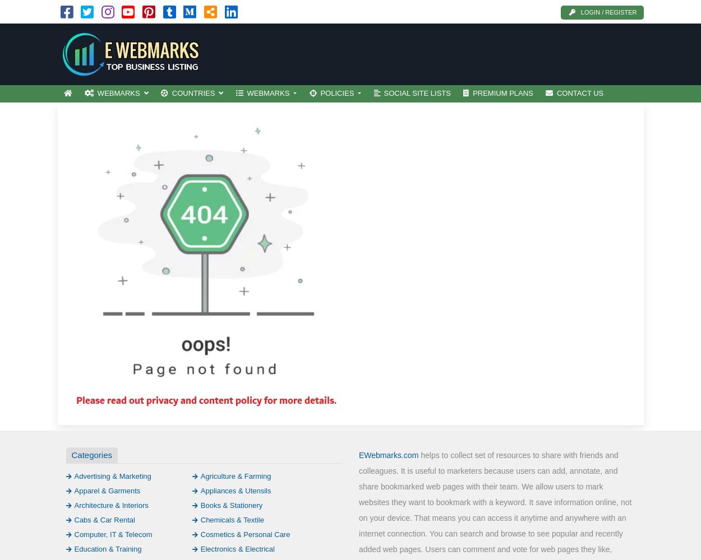  Describe the element at coordinates (200, 548) in the screenshot. I see `'Electronics & Electrical'` at that location.